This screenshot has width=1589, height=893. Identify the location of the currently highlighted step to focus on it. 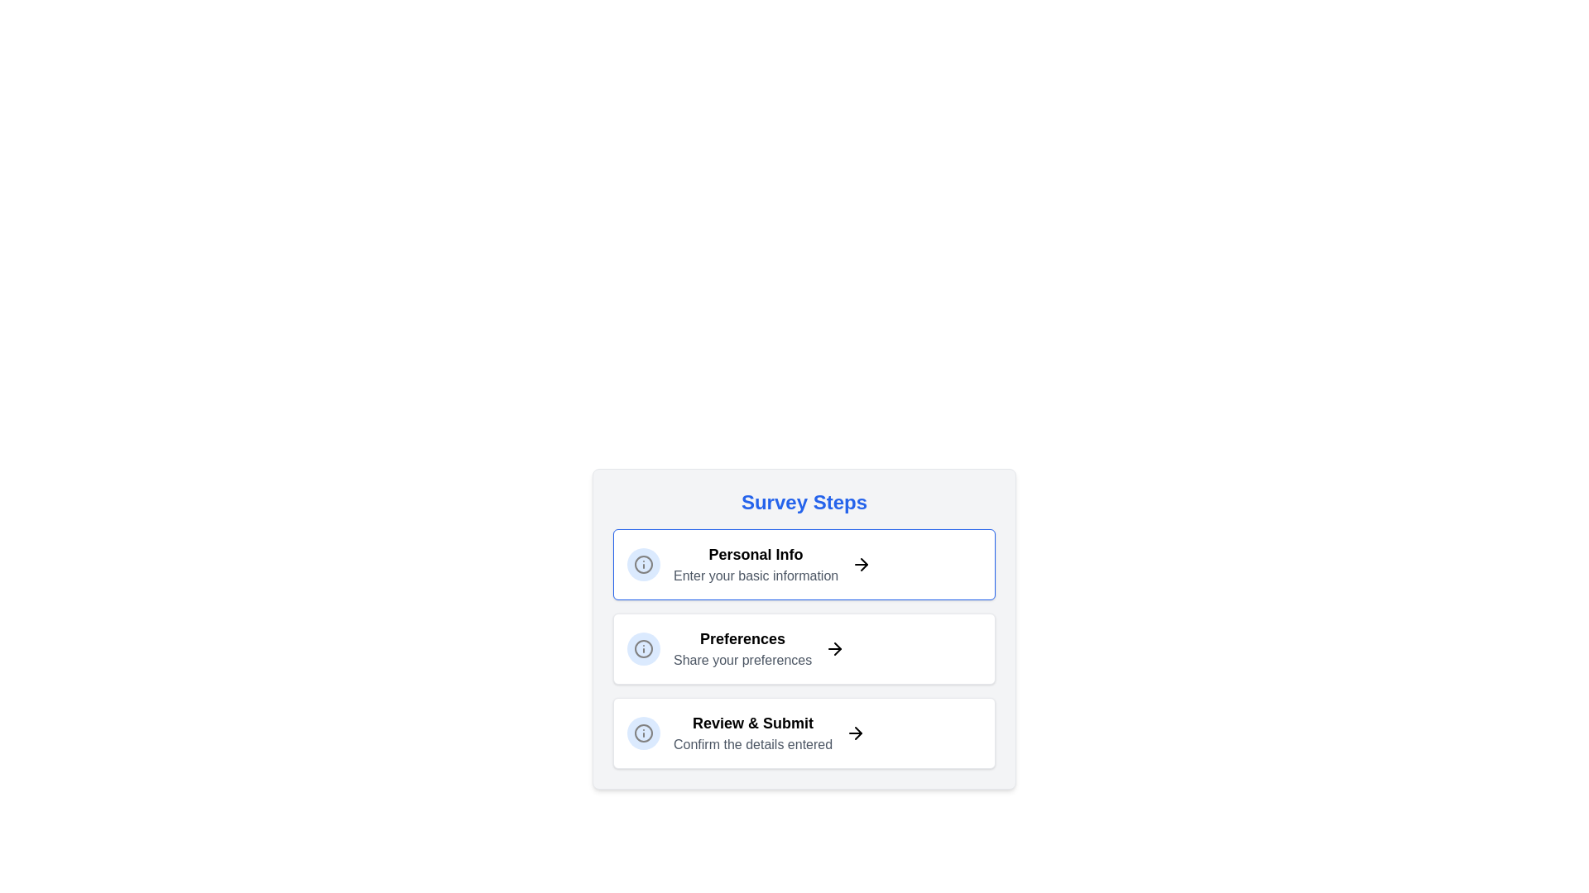
(804, 563).